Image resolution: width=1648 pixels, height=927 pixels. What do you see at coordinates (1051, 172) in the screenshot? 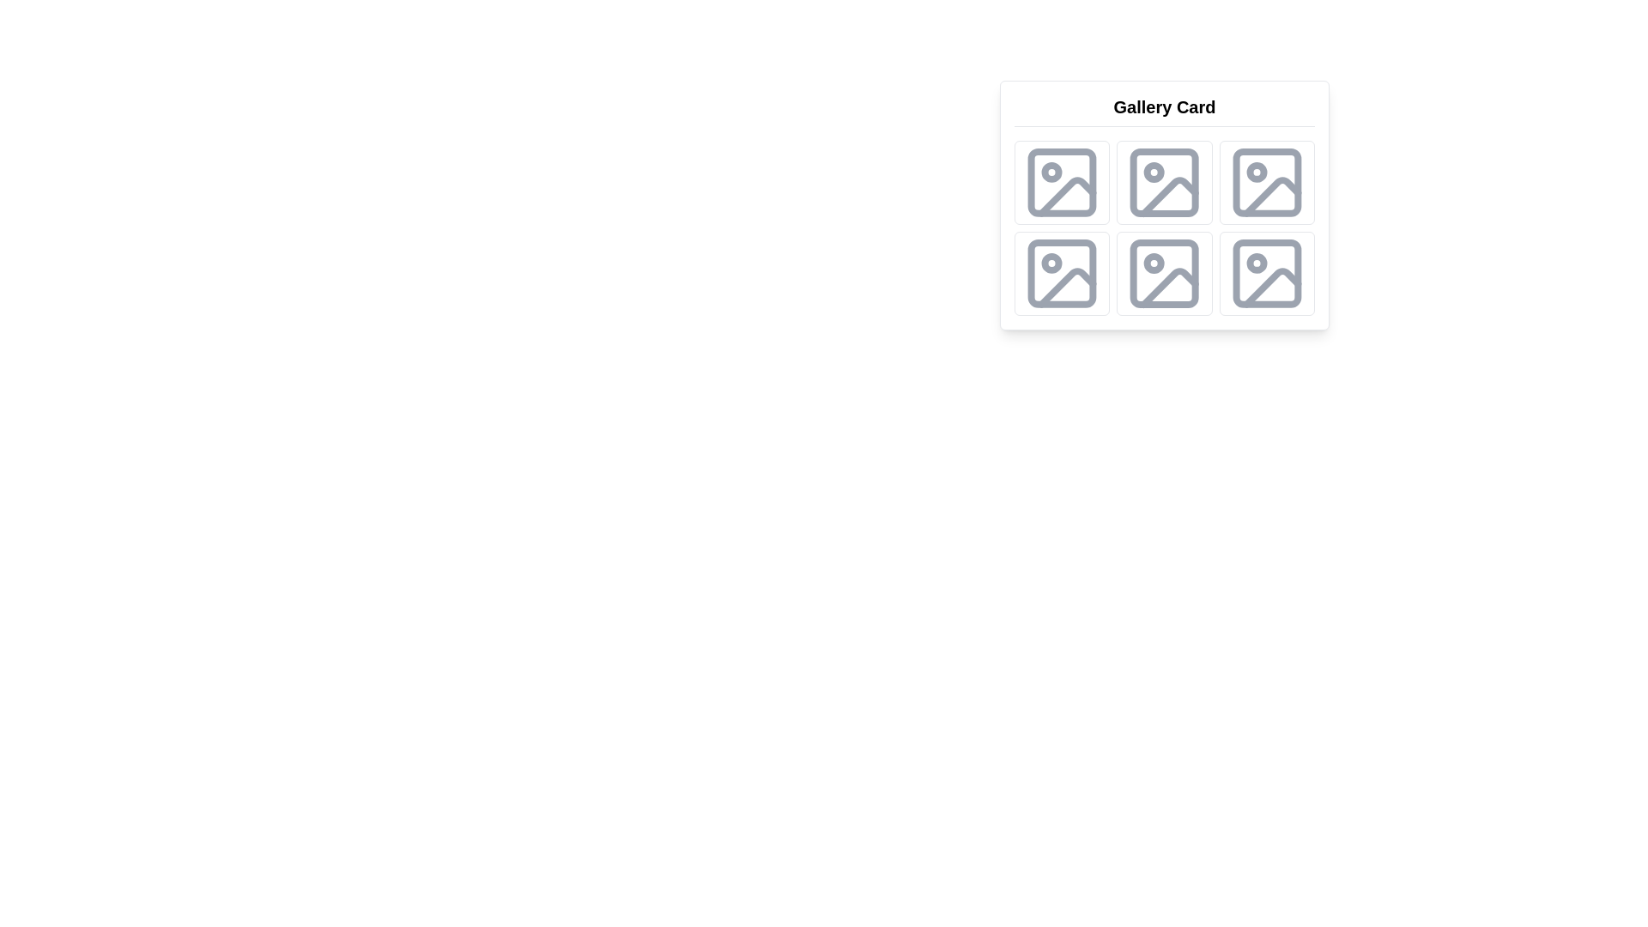
I see `the circle shape SVG graphical component located in the top-left corner of the first icon in the Gallery Card` at bounding box center [1051, 172].